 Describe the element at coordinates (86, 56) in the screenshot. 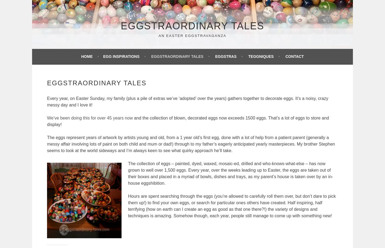

I see `'Home'` at that location.